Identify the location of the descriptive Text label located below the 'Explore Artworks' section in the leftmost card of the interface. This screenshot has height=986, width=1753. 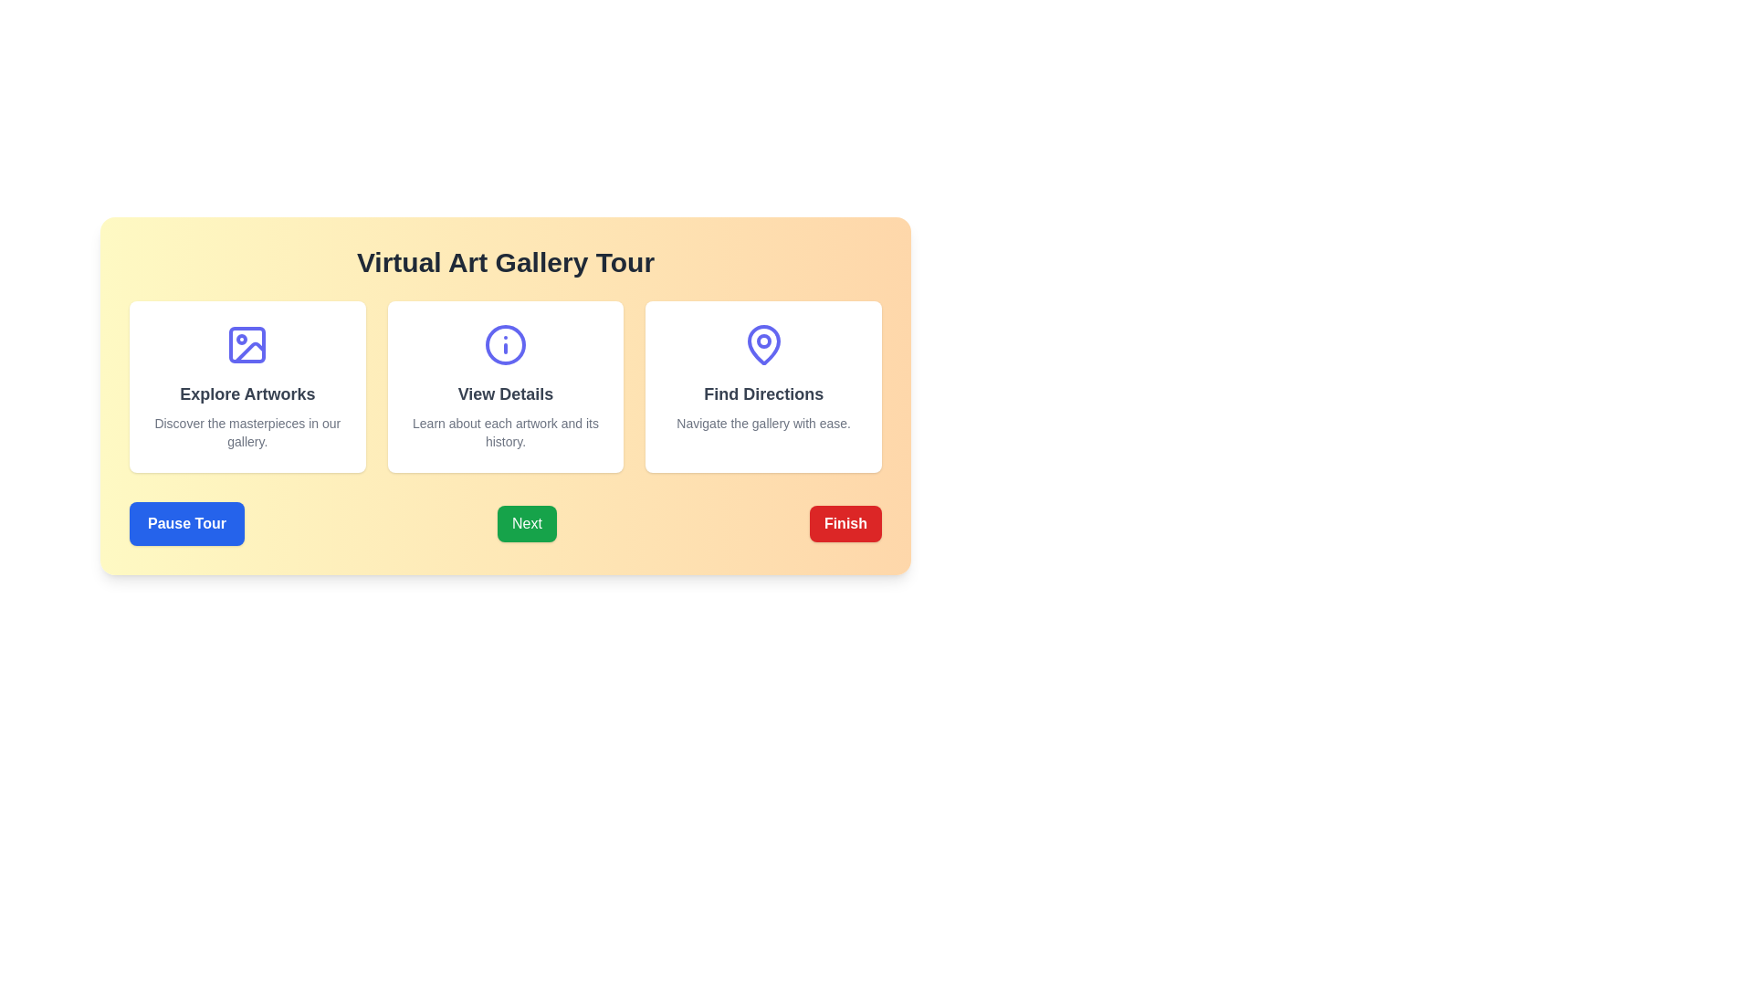
(247, 433).